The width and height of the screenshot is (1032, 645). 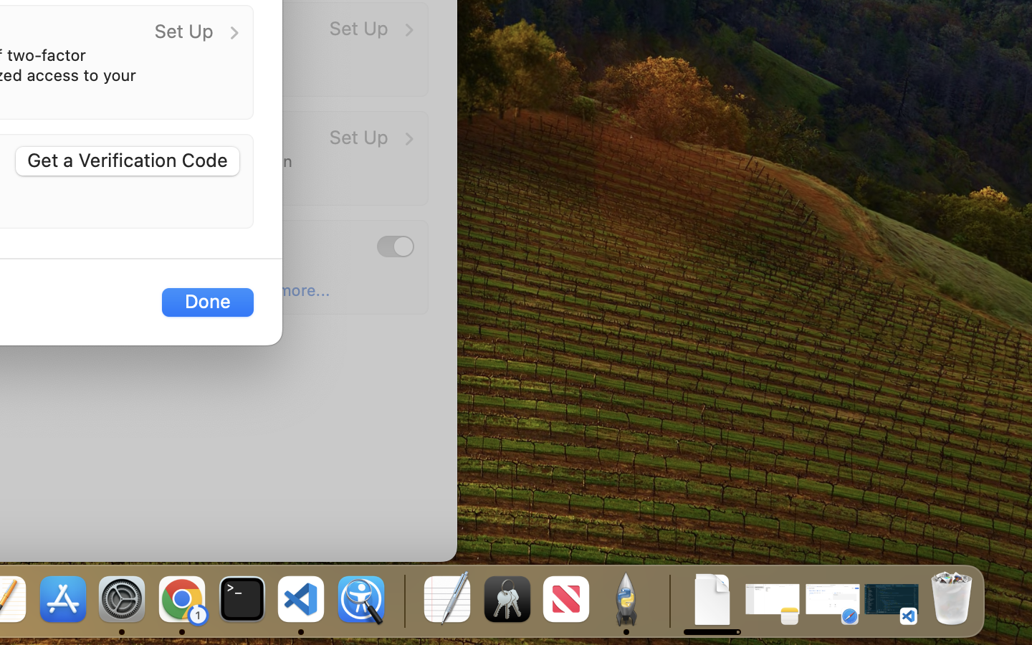 I want to click on '0.4285714328289032', so click(x=403, y=600).